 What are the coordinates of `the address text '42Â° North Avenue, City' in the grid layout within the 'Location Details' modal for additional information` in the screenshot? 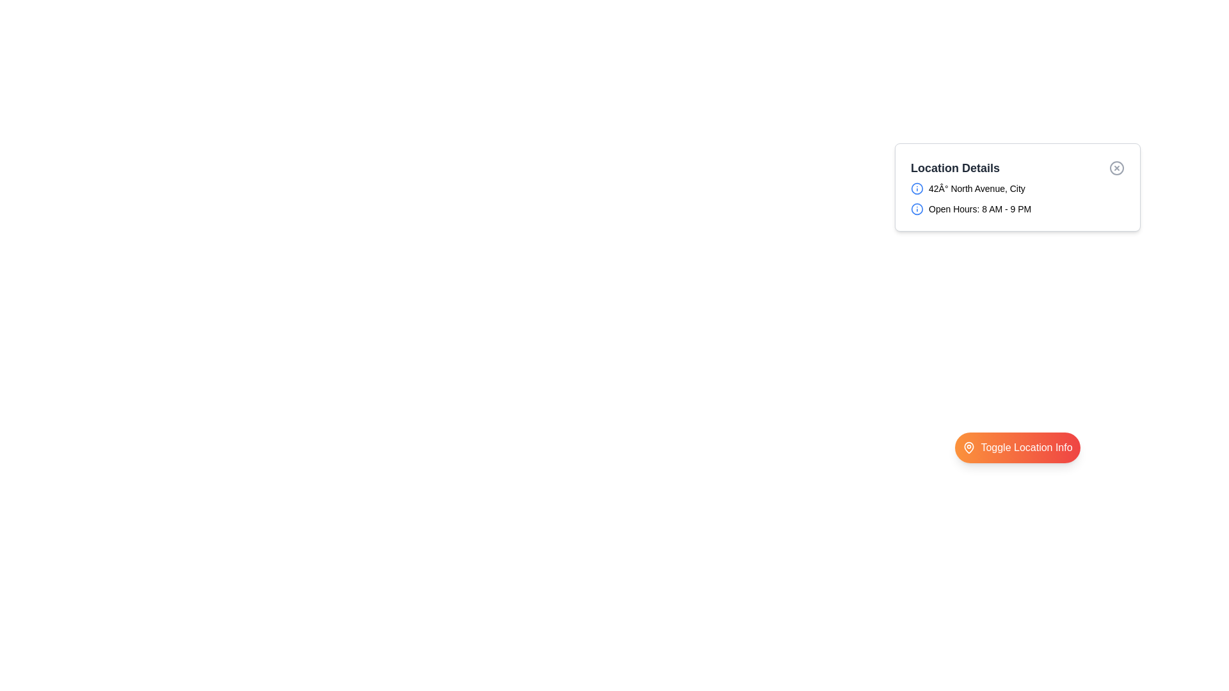 It's located at (1016, 199).